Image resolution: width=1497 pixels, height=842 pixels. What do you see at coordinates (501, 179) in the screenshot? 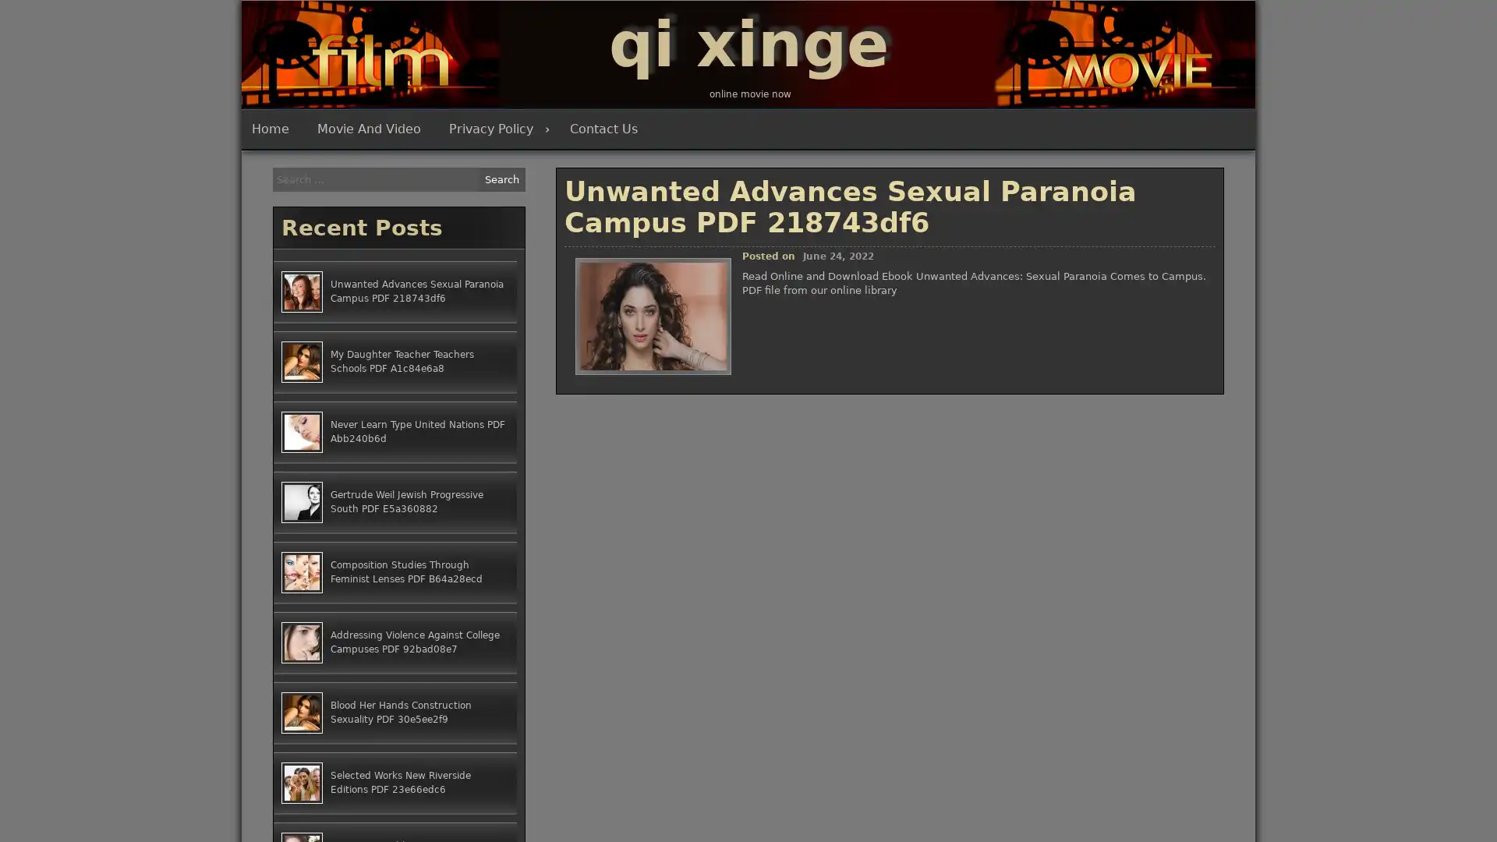
I see `Search` at bounding box center [501, 179].